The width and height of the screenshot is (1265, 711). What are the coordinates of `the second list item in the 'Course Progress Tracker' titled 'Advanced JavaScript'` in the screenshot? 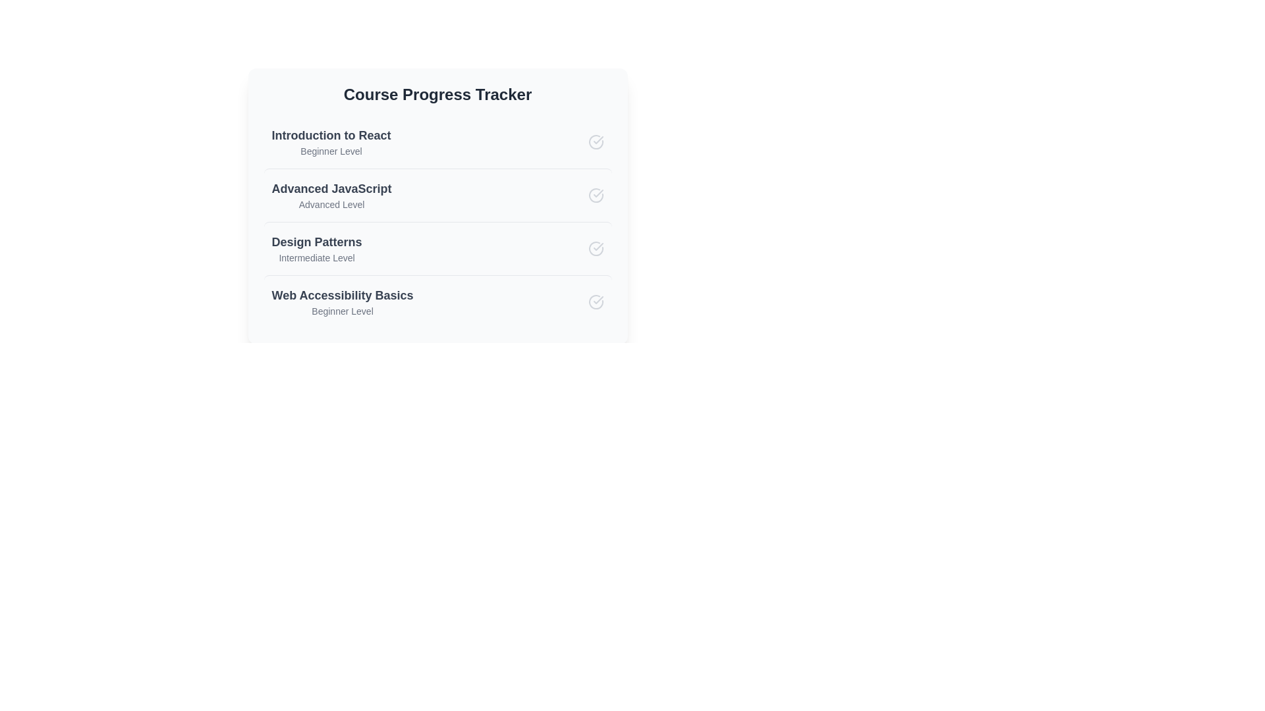 It's located at (437, 195).